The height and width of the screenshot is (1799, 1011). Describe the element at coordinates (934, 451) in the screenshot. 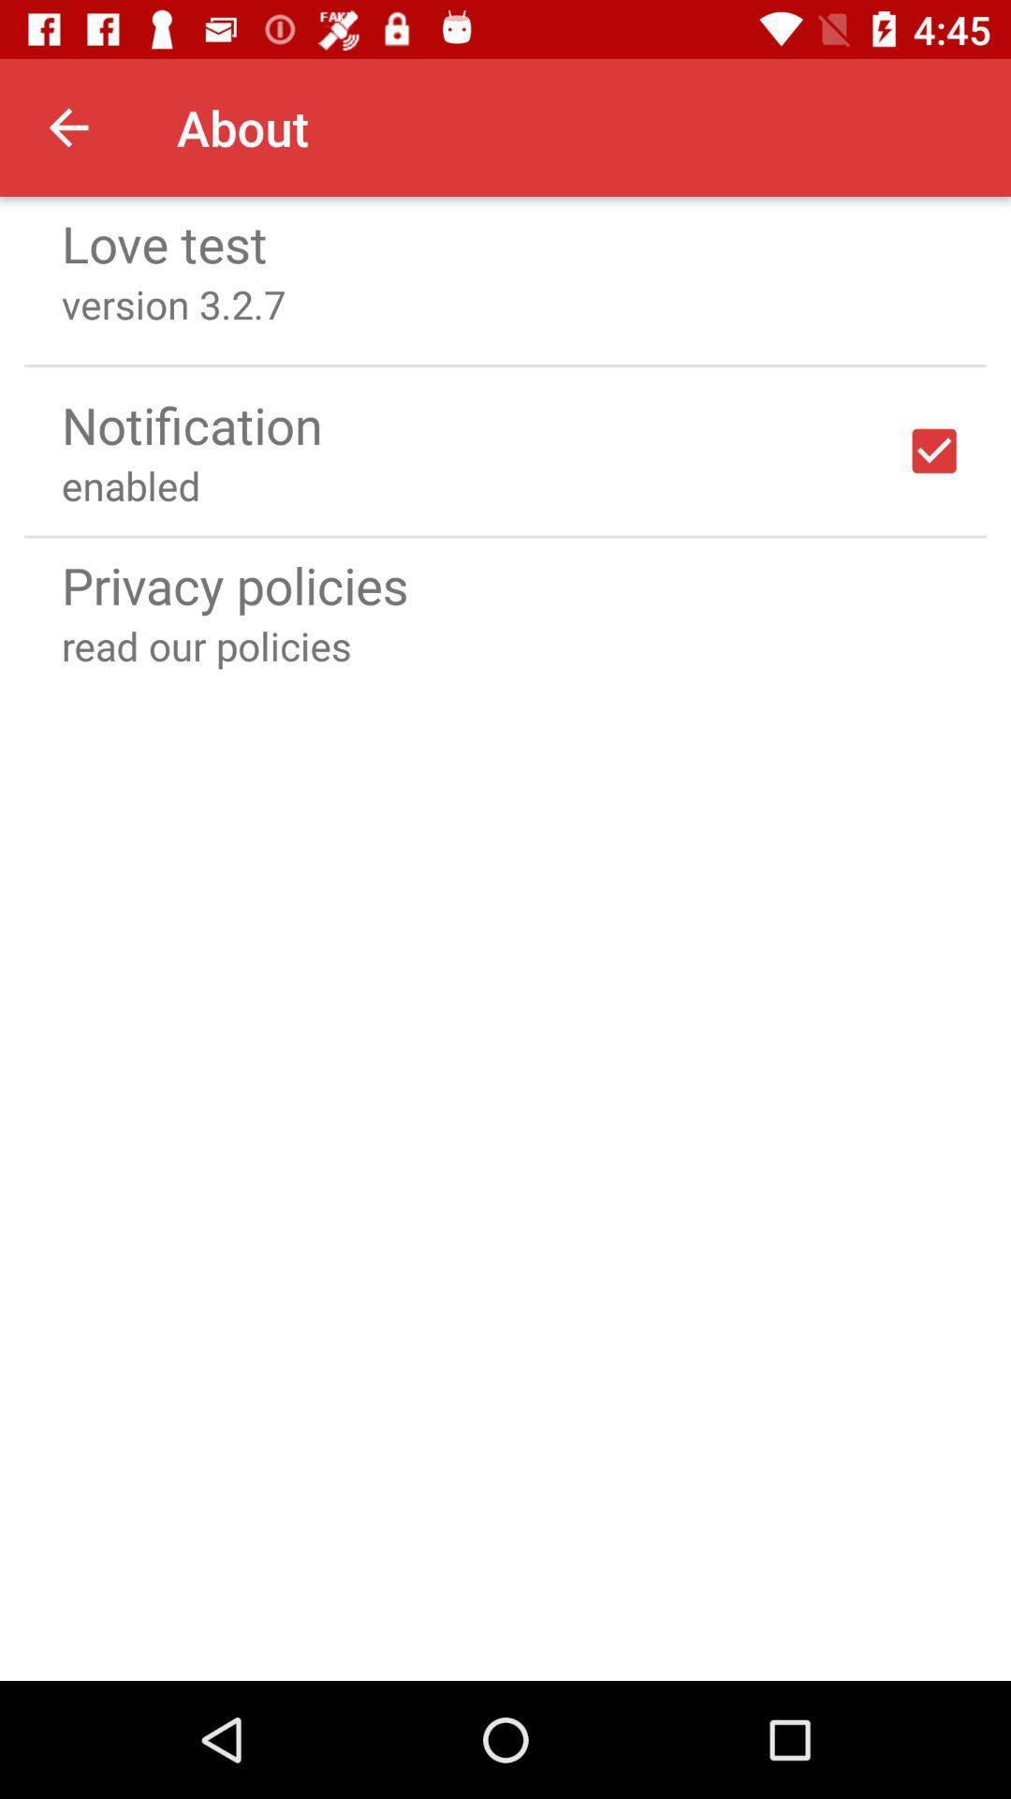

I see `notifications` at that location.